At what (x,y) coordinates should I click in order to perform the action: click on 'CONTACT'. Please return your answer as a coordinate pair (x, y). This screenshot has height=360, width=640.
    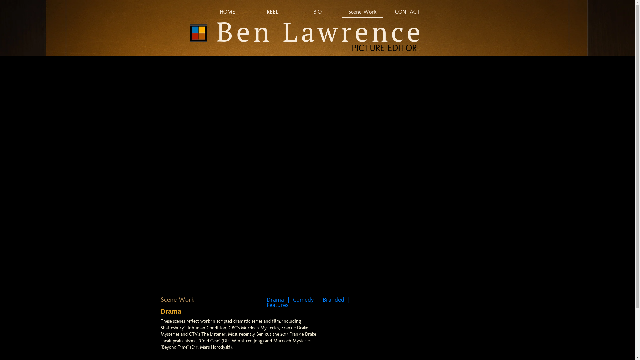
    Looking at the image, I should click on (387, 12).